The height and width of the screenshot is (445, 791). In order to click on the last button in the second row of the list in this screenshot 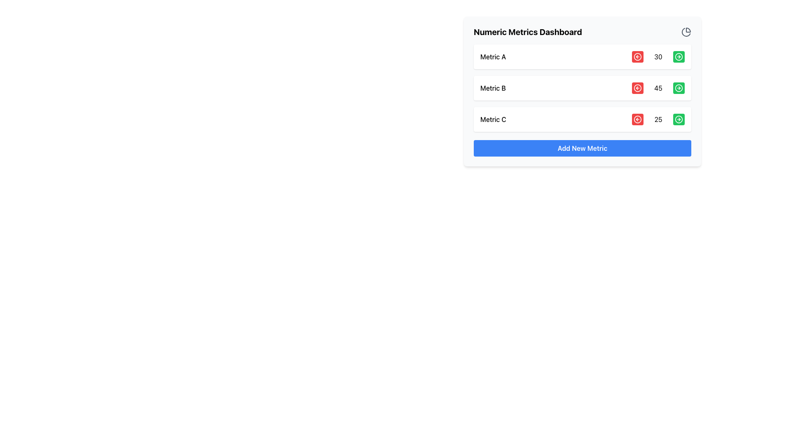, I will do `click(679, 88)`.